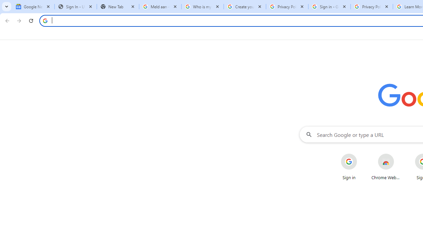  What do you see at coordinates (76, 7) in the screenshot?
I see `'Sign In - USA TODAY'` at bounding box center [76, 7].